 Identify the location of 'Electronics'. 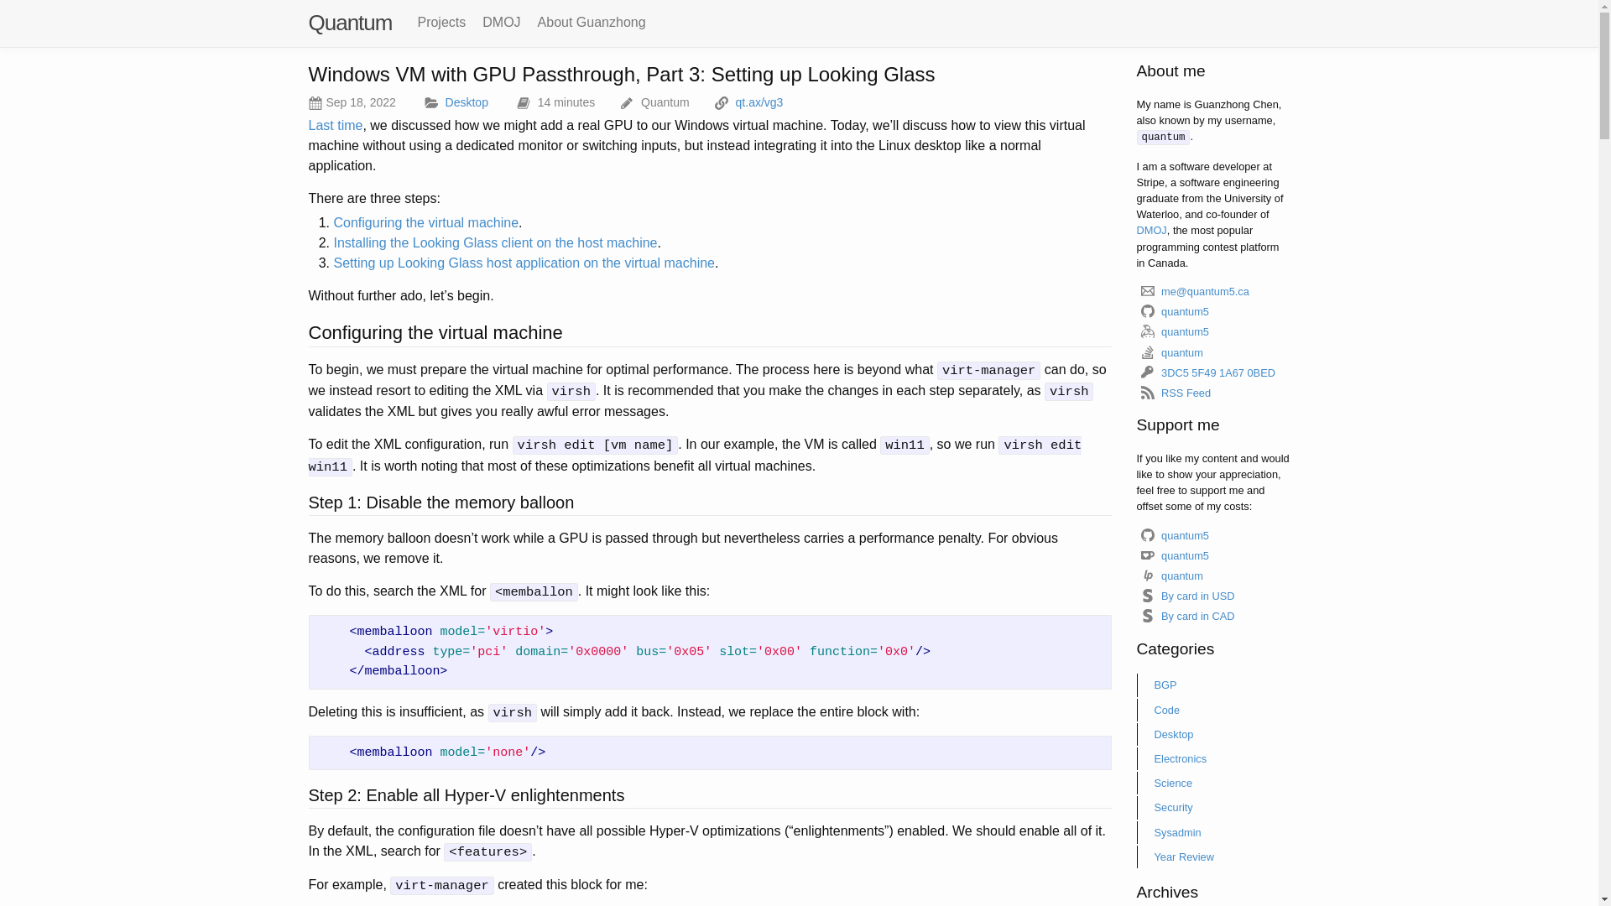
(1212, 758).